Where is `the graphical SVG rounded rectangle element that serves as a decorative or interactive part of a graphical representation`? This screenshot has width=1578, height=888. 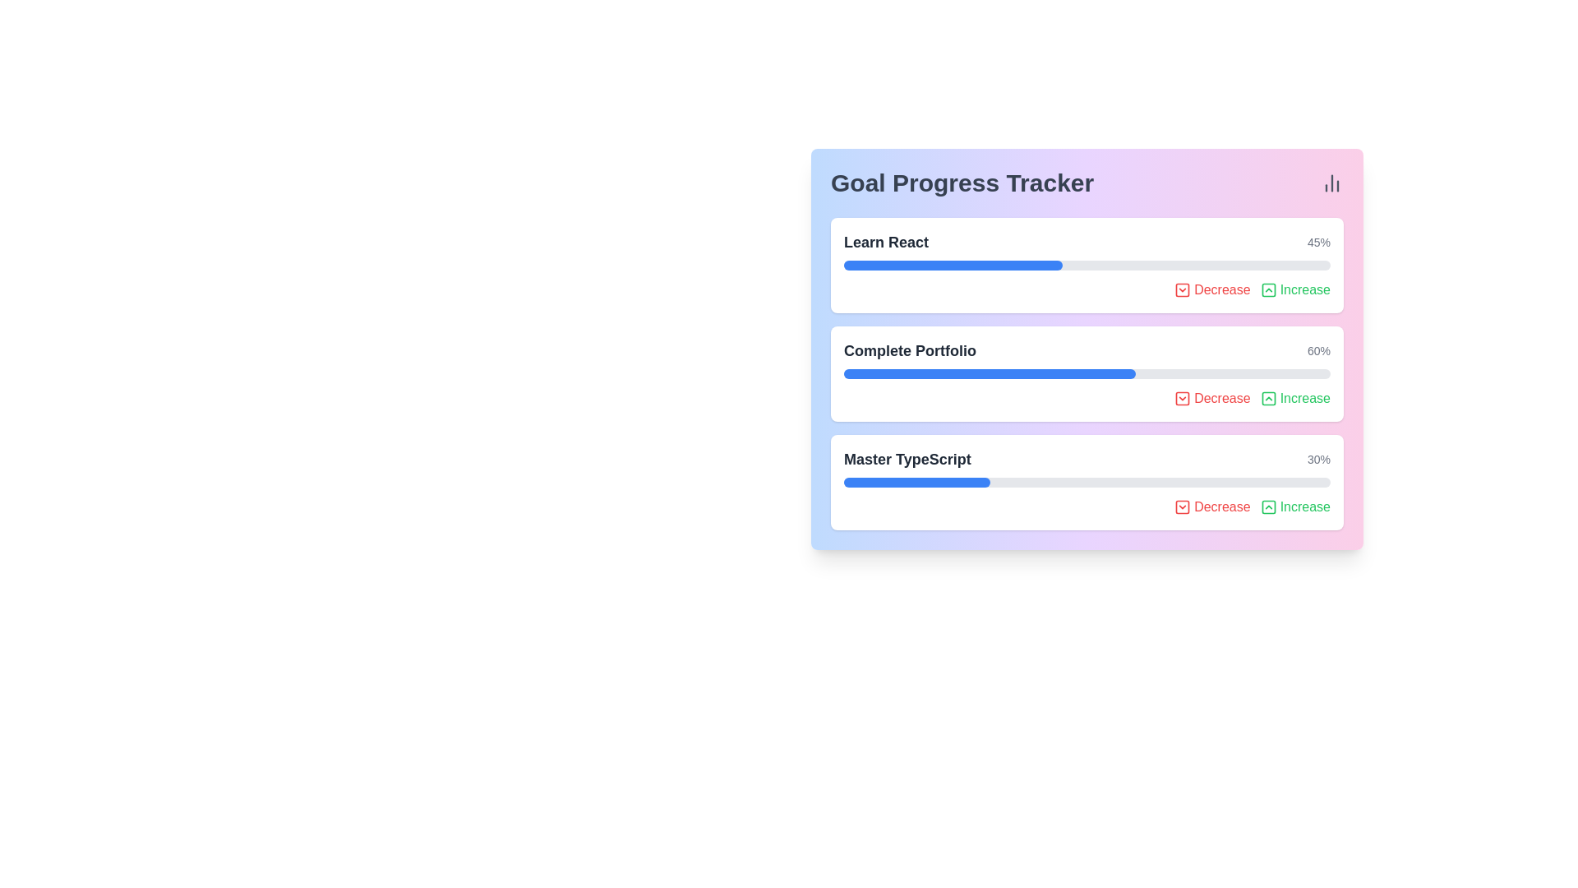
the graphical SVG rounded rectangle element that serves as a decorative or interactive part of a graphical representation is located at coordinates (1267, 289).